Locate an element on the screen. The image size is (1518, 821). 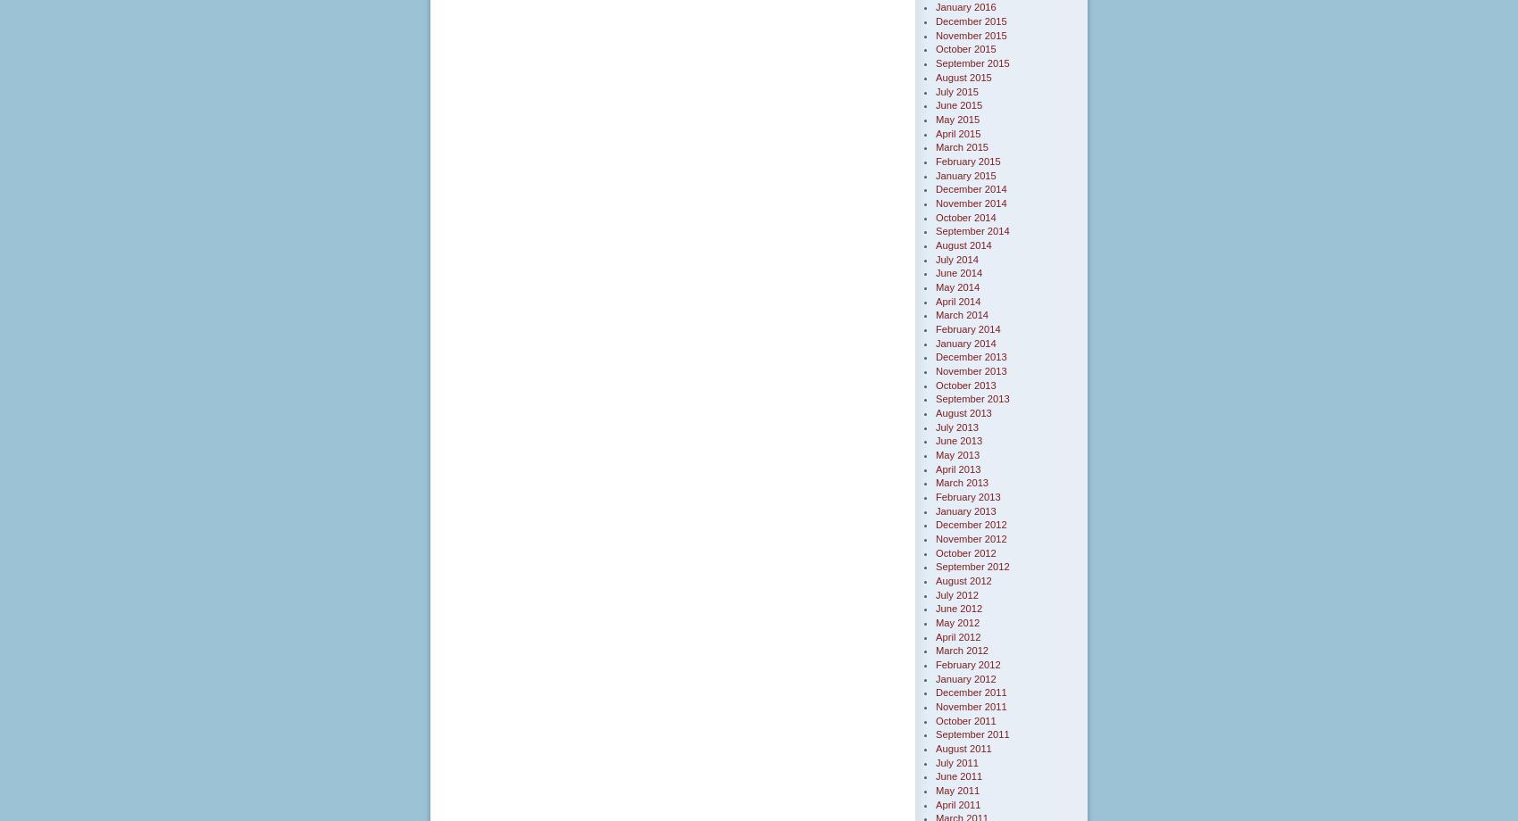
'September 2011' is located at coordinates (972, 734).